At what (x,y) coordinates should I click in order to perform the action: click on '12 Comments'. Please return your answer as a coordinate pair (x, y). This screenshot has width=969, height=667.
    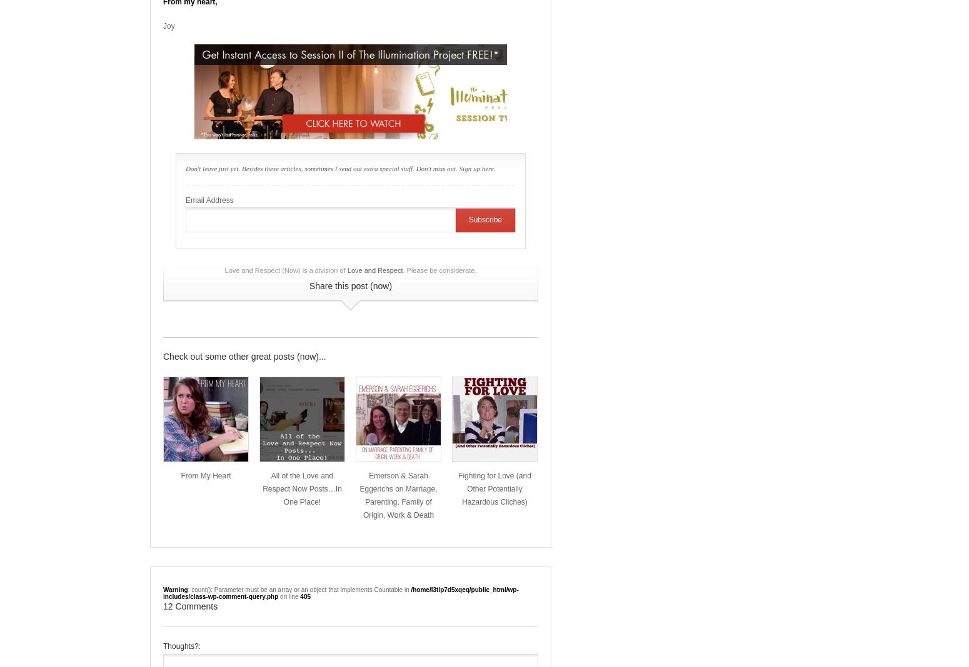
    Looking at the image, I should click on (190, 606).